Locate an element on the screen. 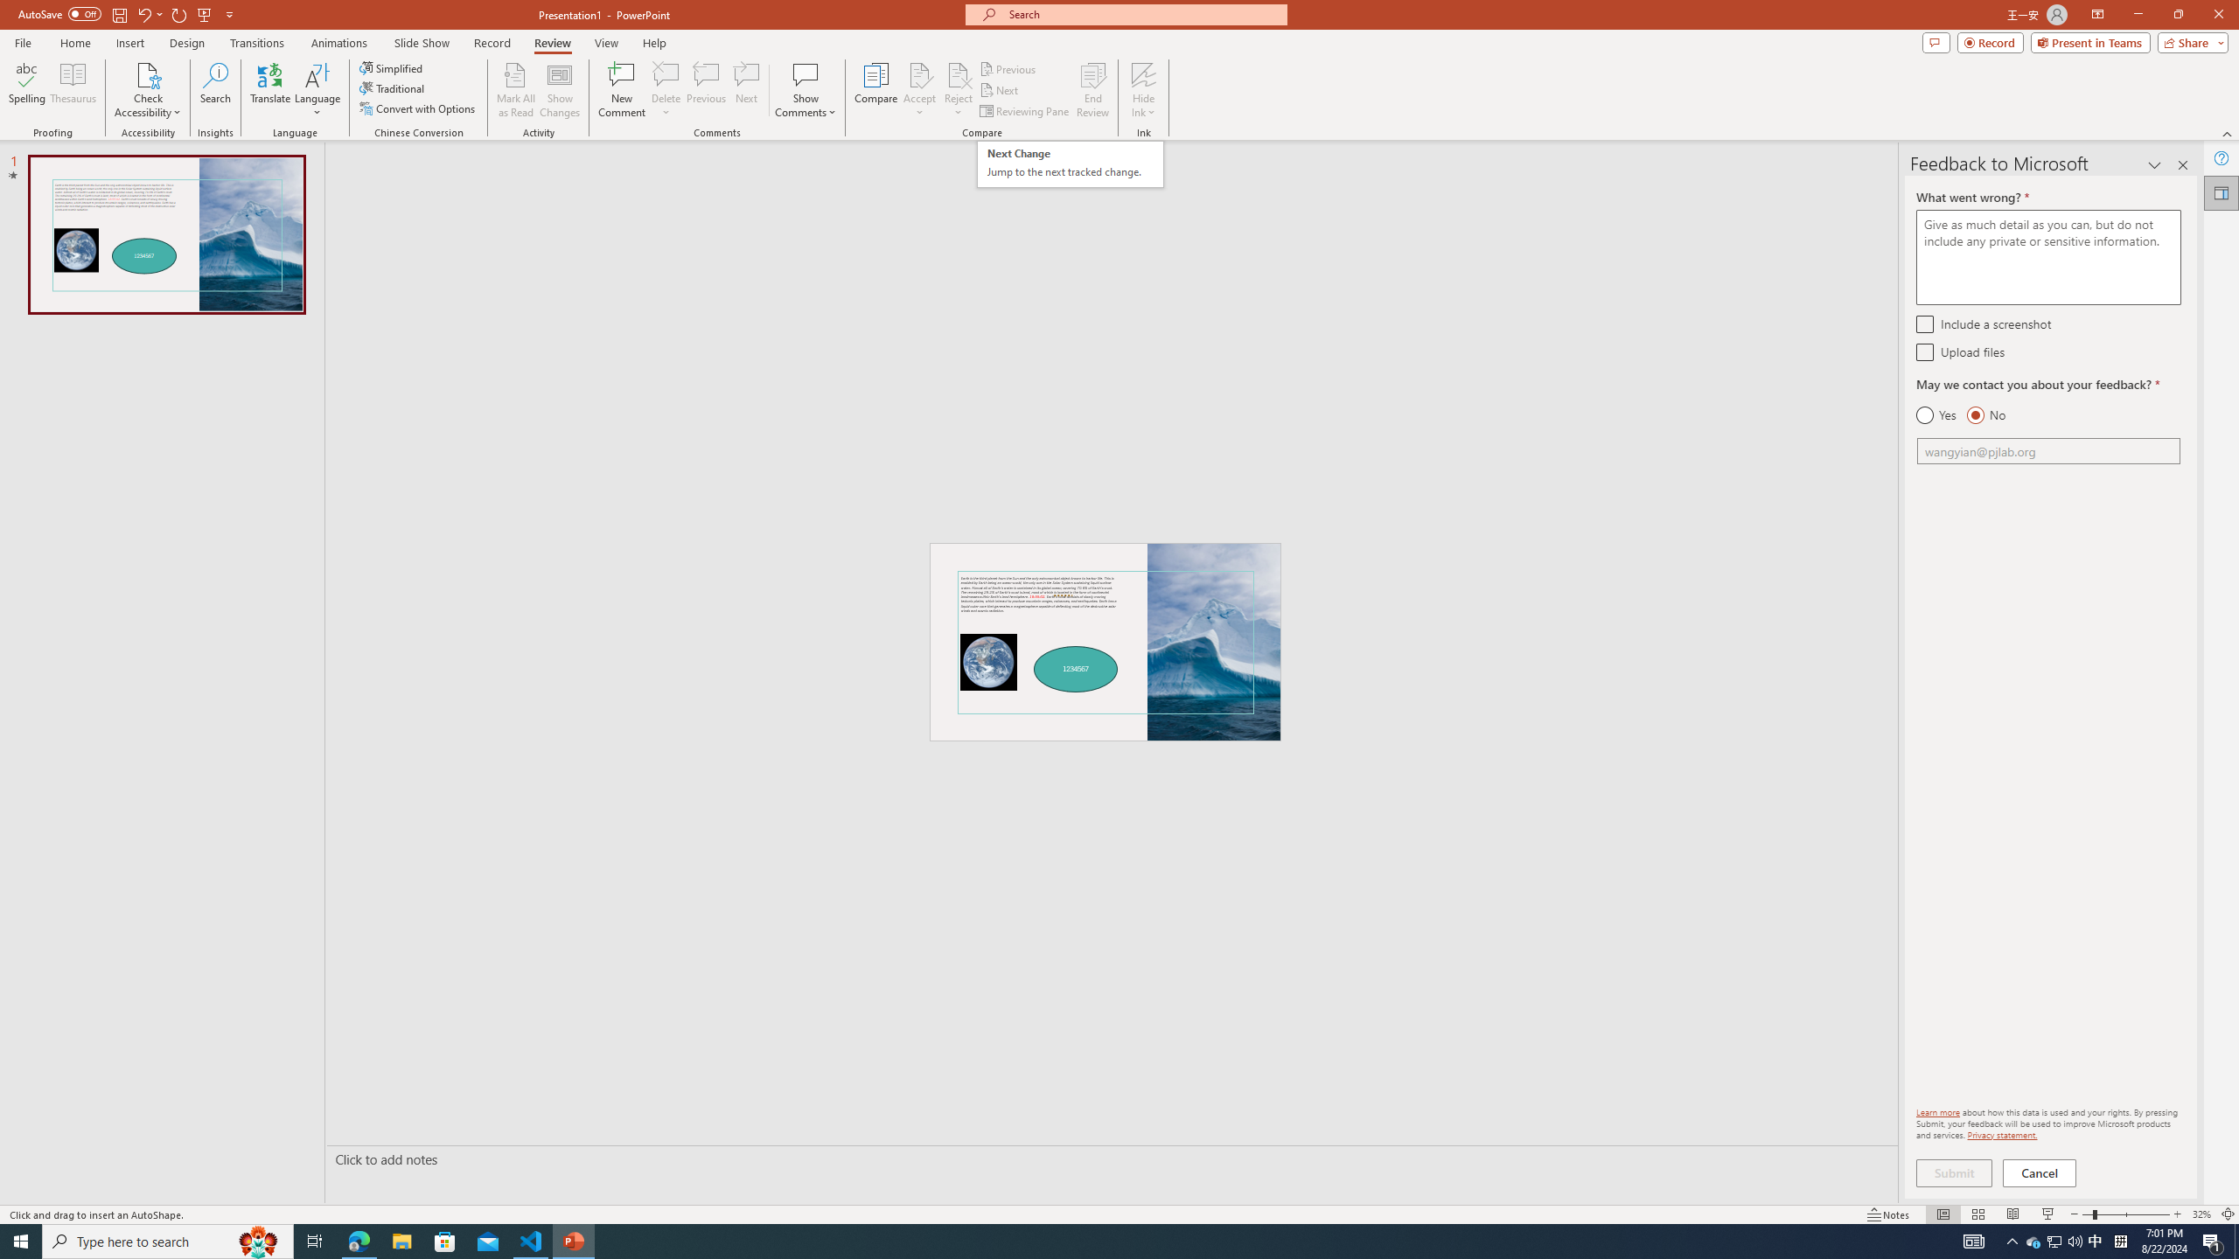 The image size is (2239, 1259). 'Cancel' is located at coordinates (2040, 1172).